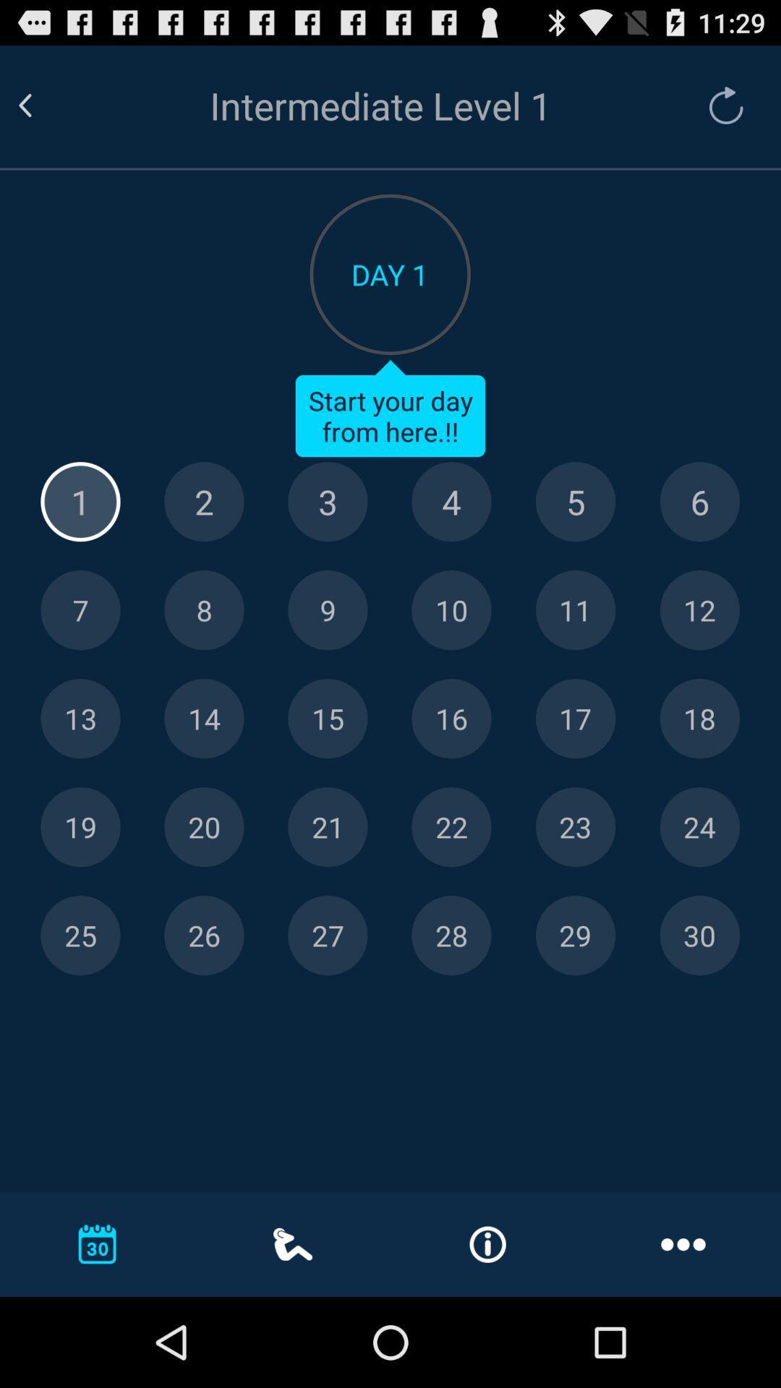  Describe the element at coordinates (328, 827) in the screenshot. I see `twenty-one day` at that location.